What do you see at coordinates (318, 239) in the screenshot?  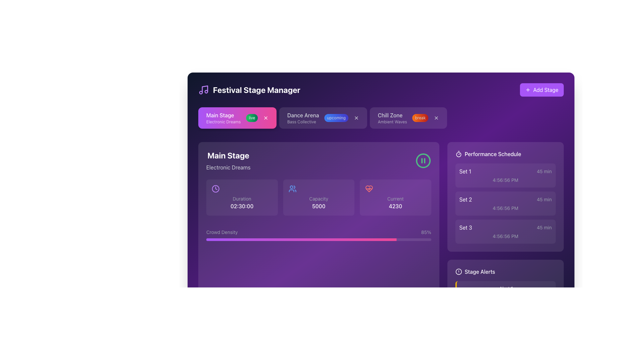 I see `the progress bar representing crowd density, which is horizontally elongated with a two-tone gradient fill from purple` at bounding box center [318, 239].